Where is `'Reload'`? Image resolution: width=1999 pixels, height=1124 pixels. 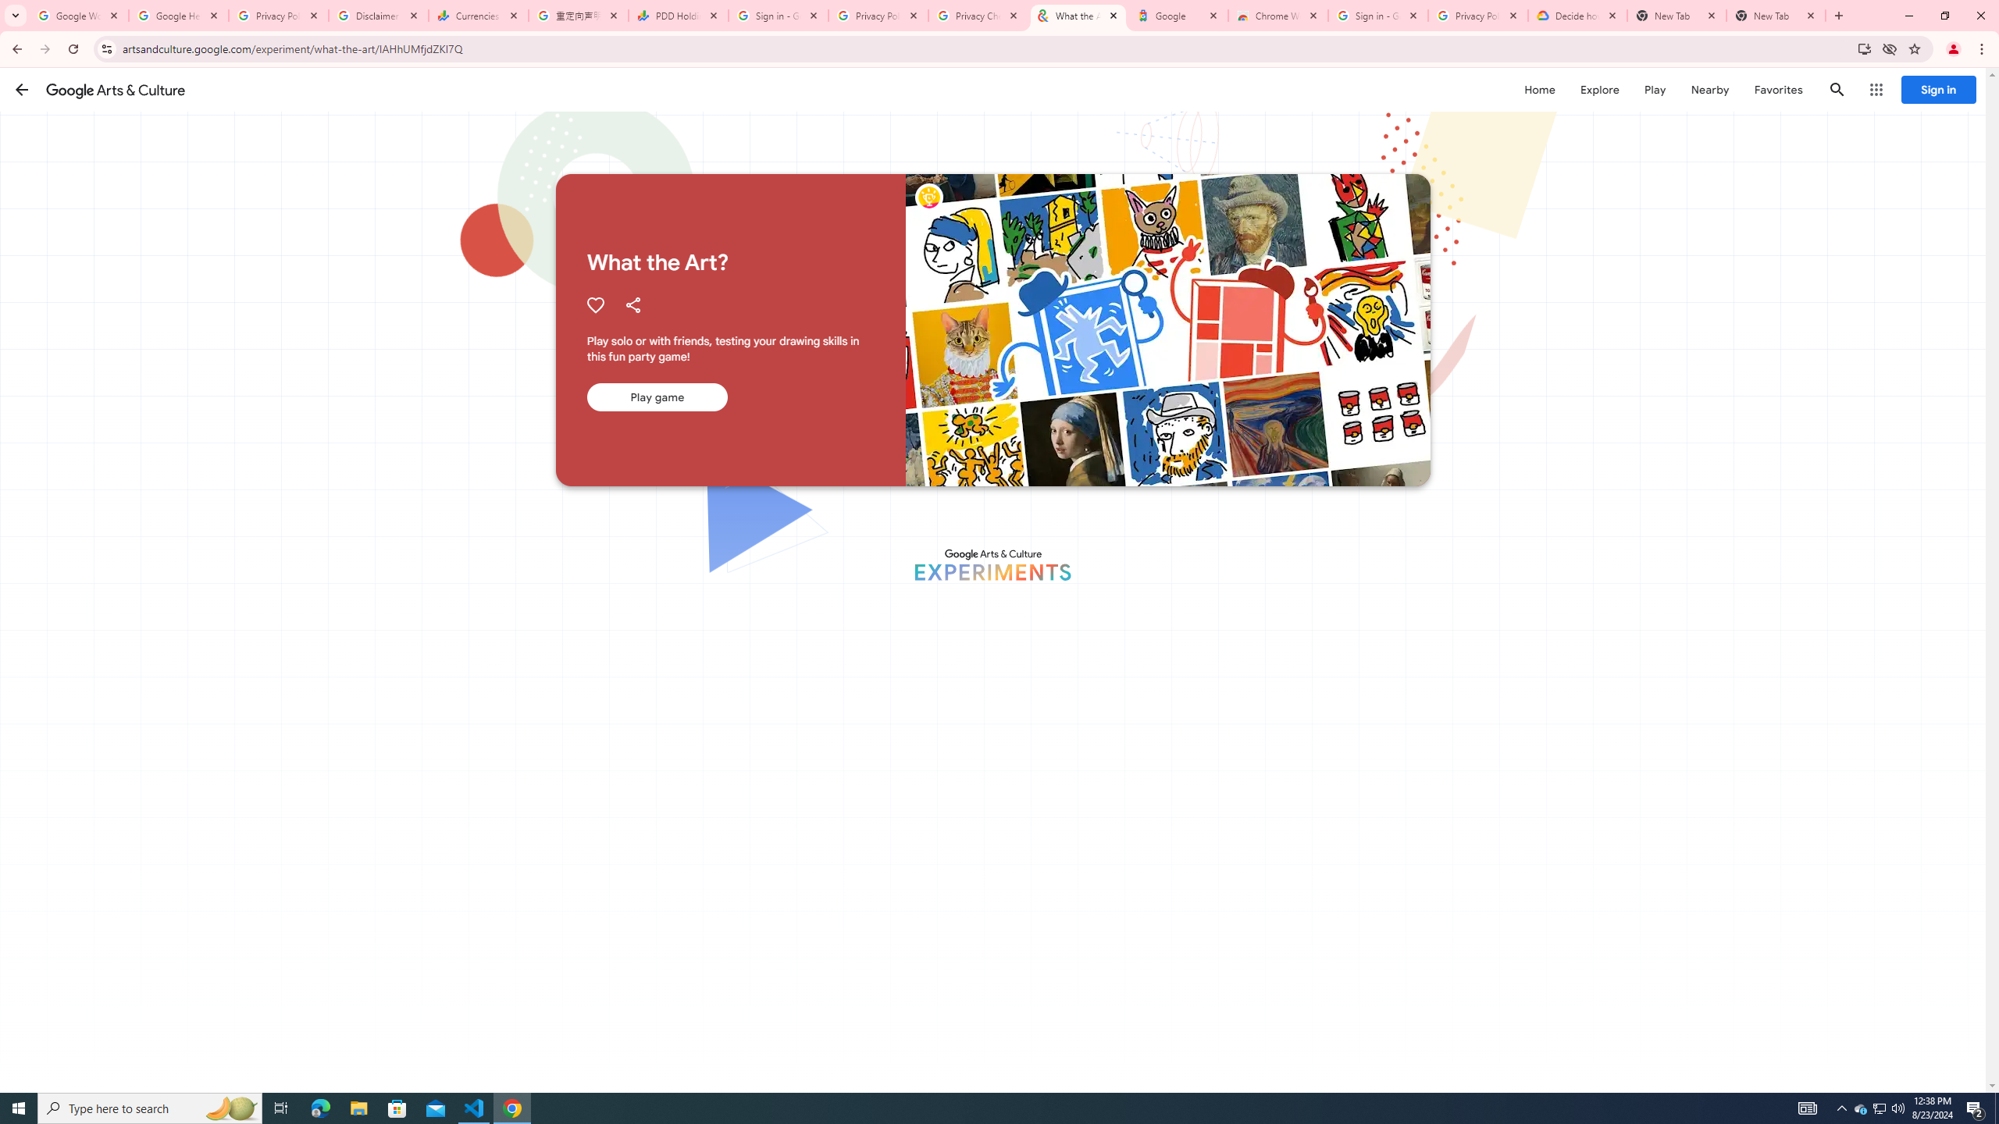
'Reload' is located at coordinates (73, 48).